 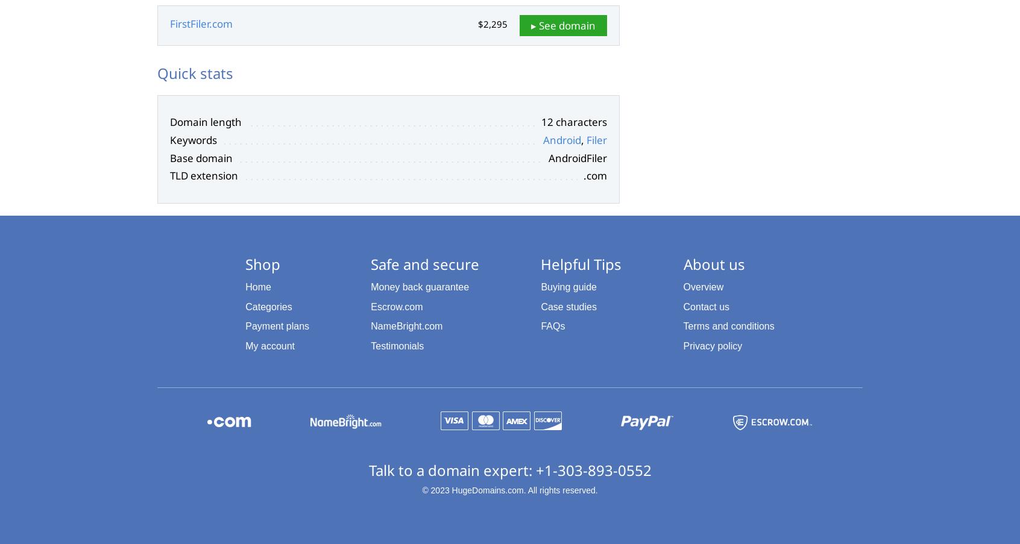 What do you see at coordinates (584, 139) in the screenshot?
I see `','` at bounding box center [584, 139].